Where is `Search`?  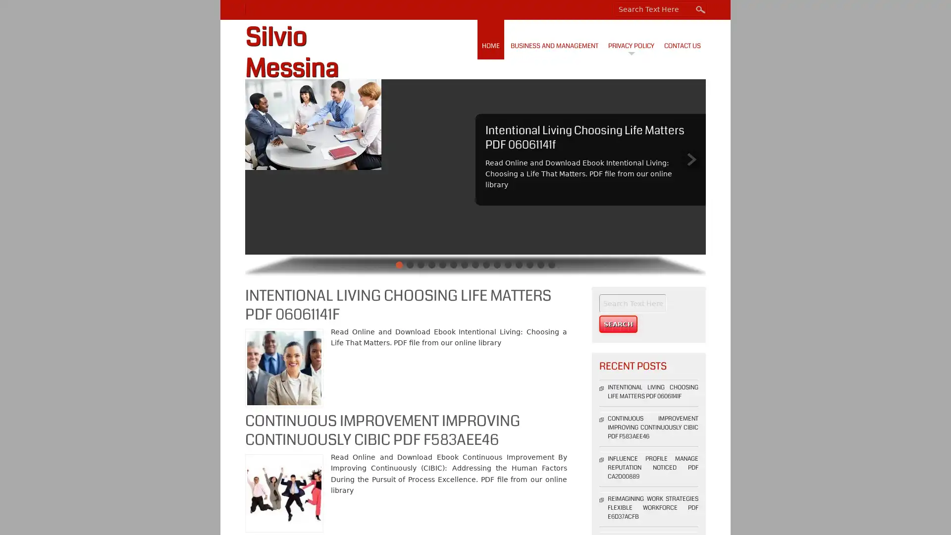
Search is located at coordinates (618, 324).